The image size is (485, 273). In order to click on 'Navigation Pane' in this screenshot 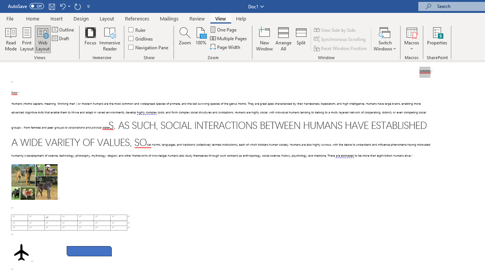, I will do `click(149, 47)`.